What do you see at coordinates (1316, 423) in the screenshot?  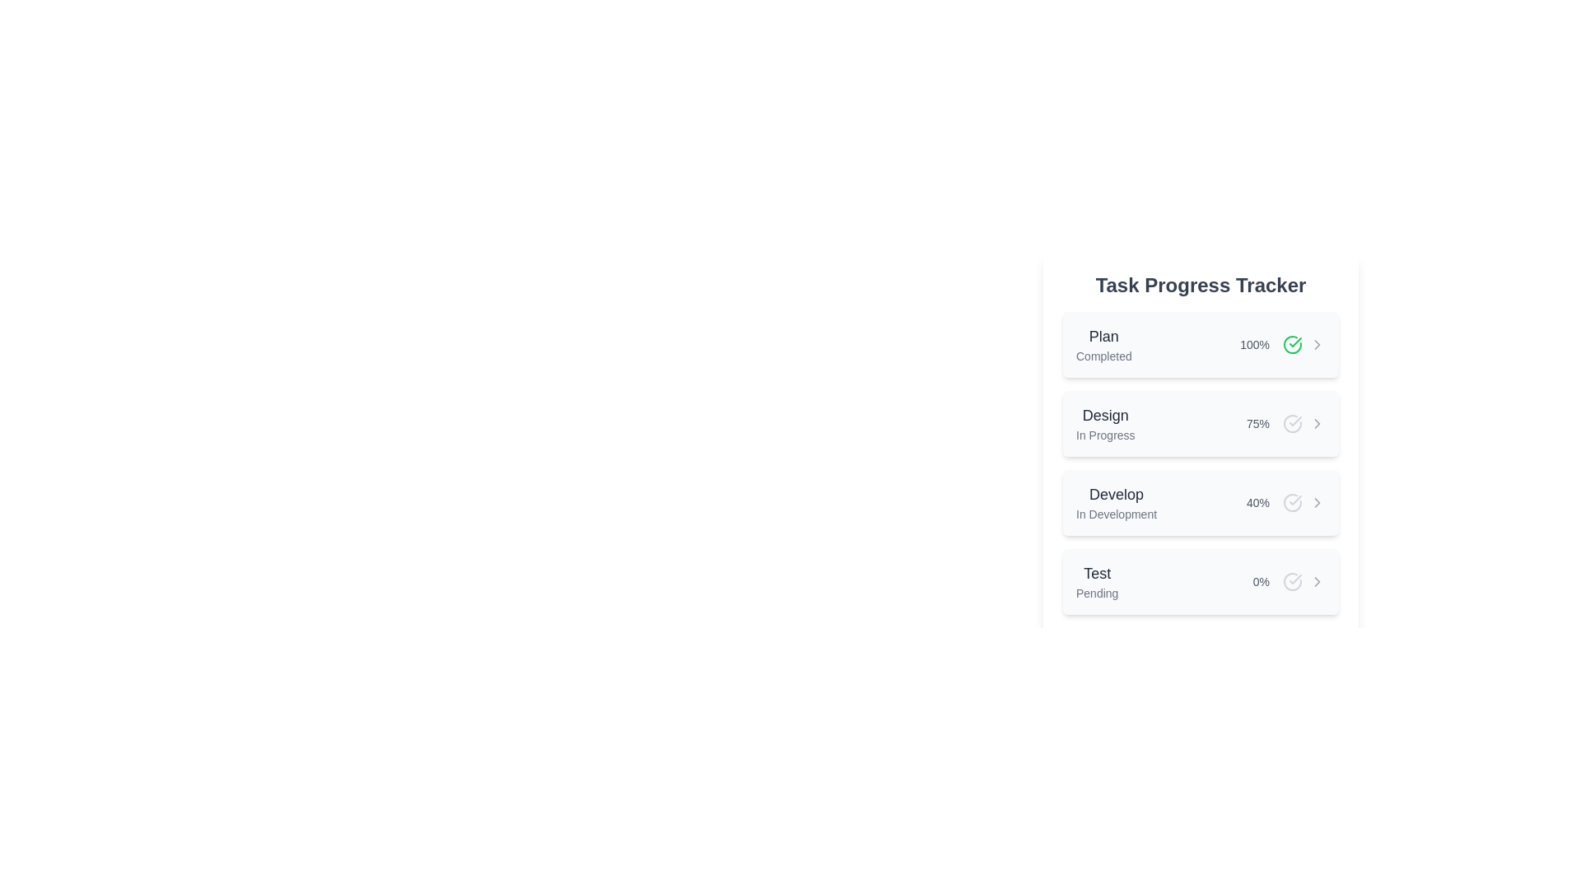 I see `the chevron icon located at the far right of the 'Design' section in the 'Task Progress Tracker'` at bounding box center [1316, 423].